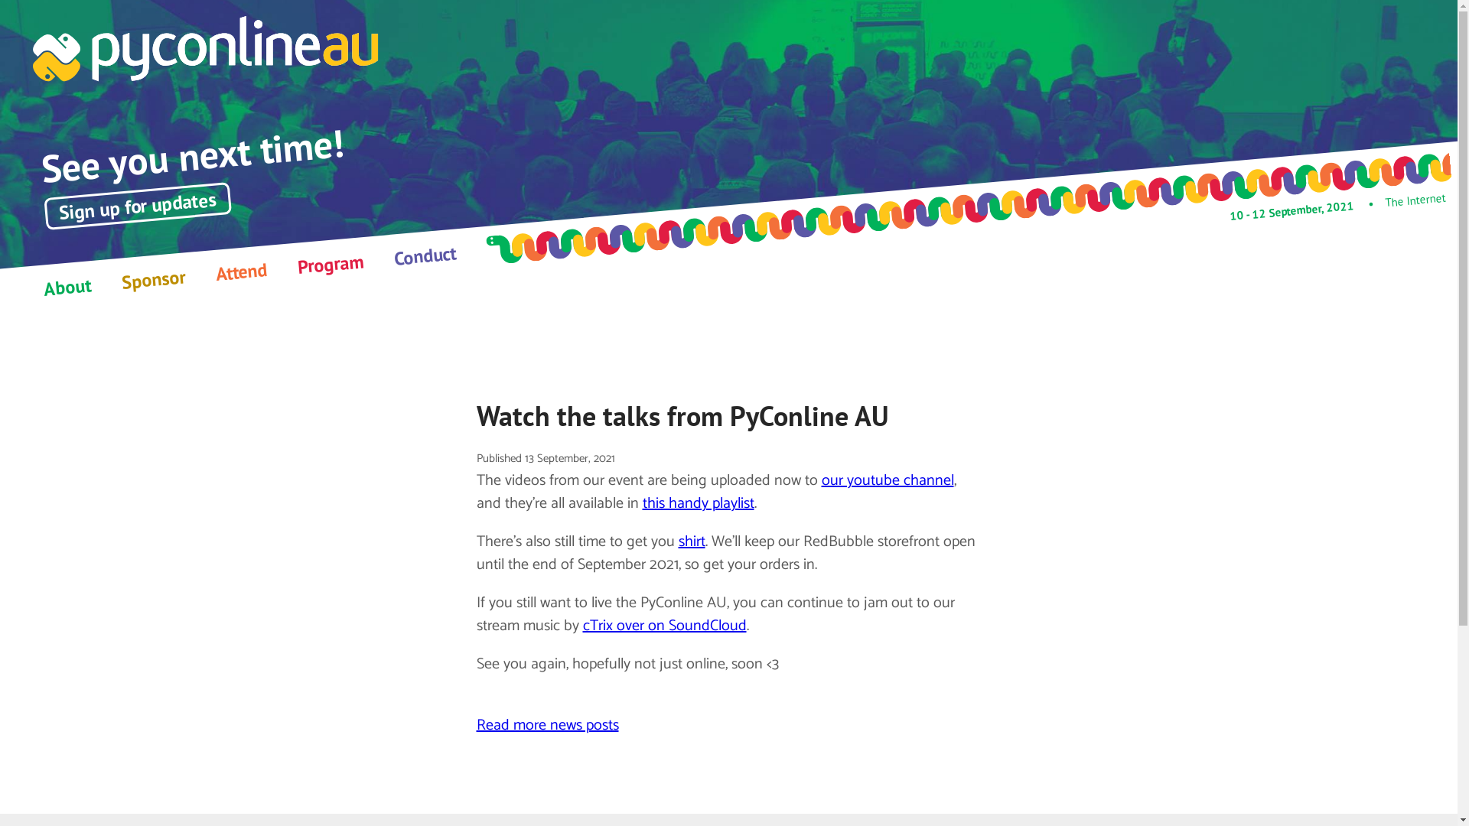  Describe the element at coordinates (547, 724) in the screenshot. I see `'Read more news posts'` at that location.